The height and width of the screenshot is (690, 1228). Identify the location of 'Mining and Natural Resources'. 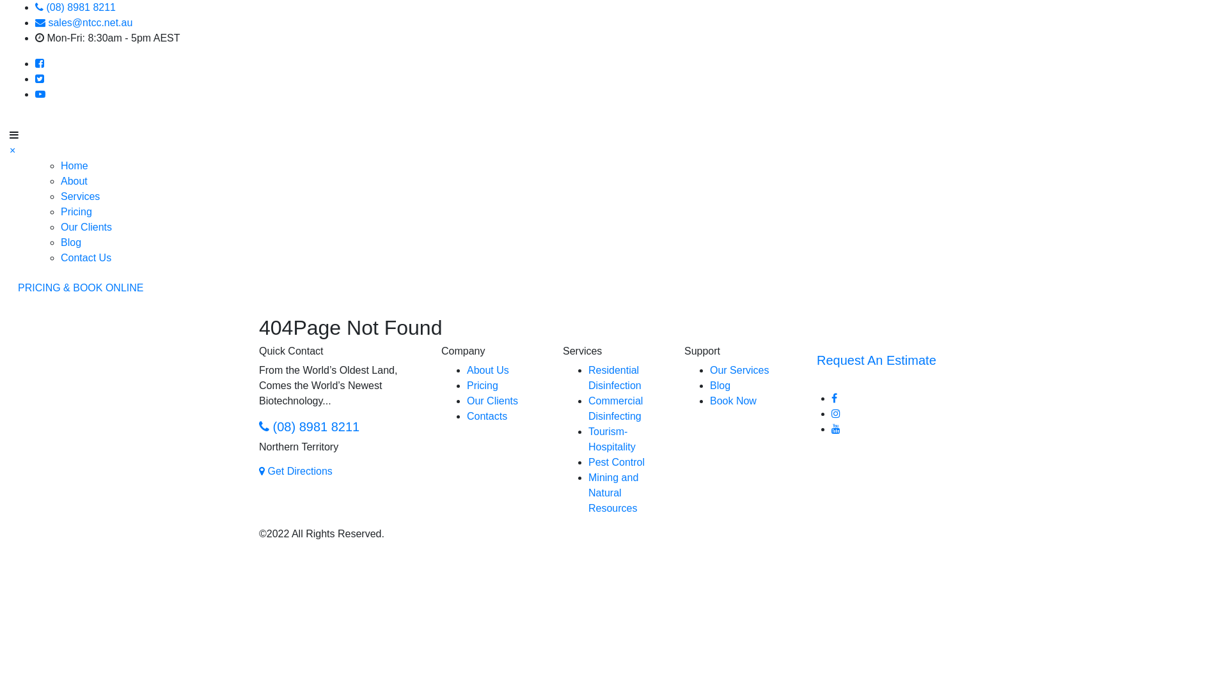
(613, 492).